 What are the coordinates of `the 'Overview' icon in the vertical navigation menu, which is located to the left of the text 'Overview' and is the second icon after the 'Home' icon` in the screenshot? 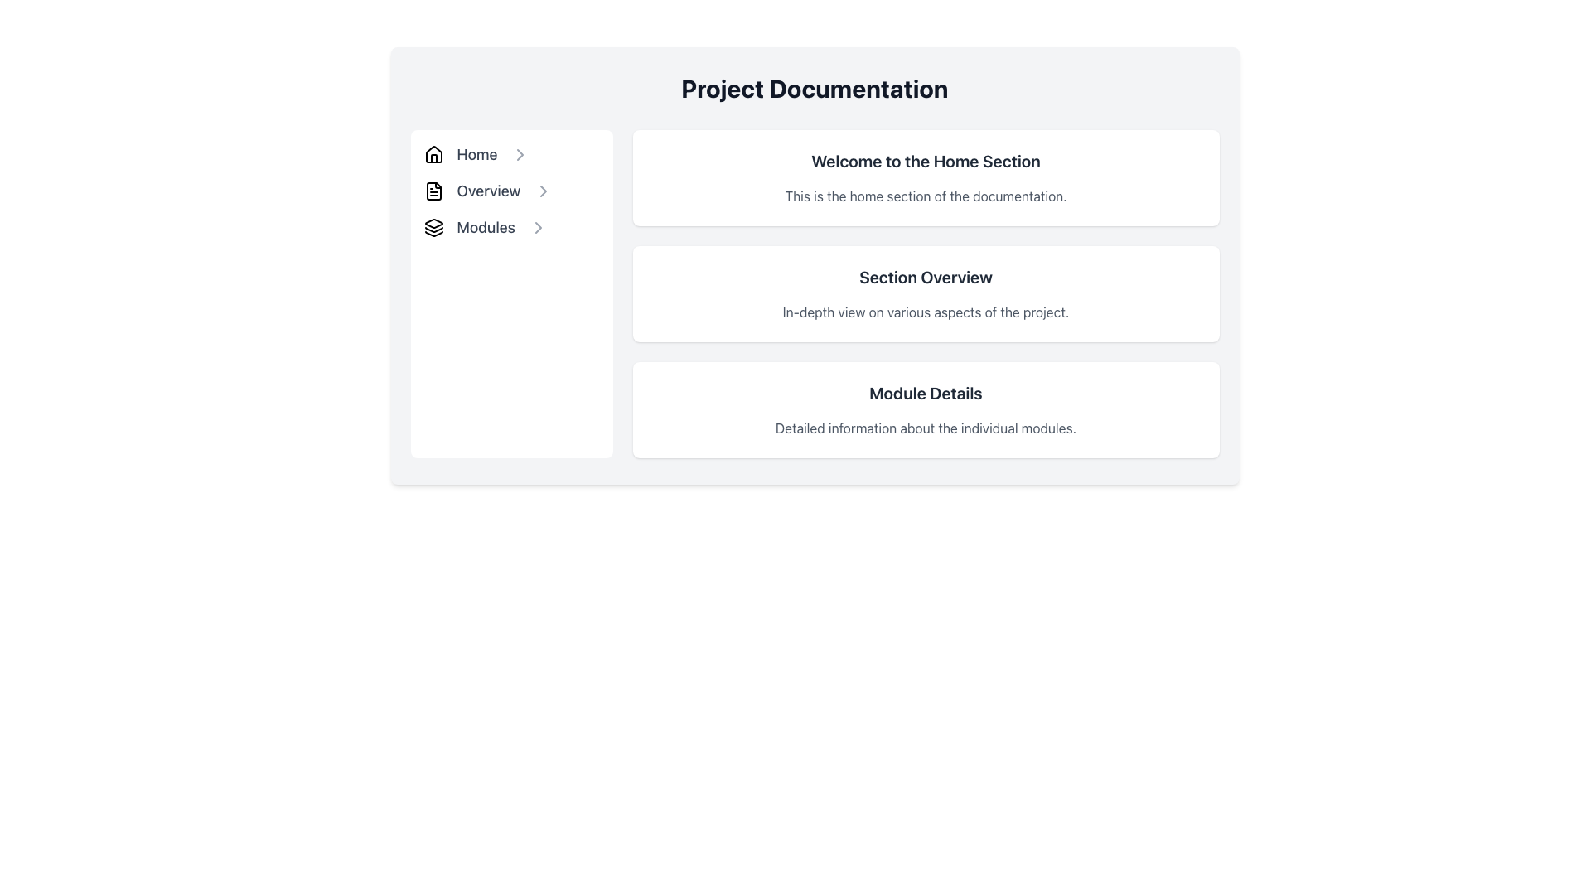 It's located at (433, 191).